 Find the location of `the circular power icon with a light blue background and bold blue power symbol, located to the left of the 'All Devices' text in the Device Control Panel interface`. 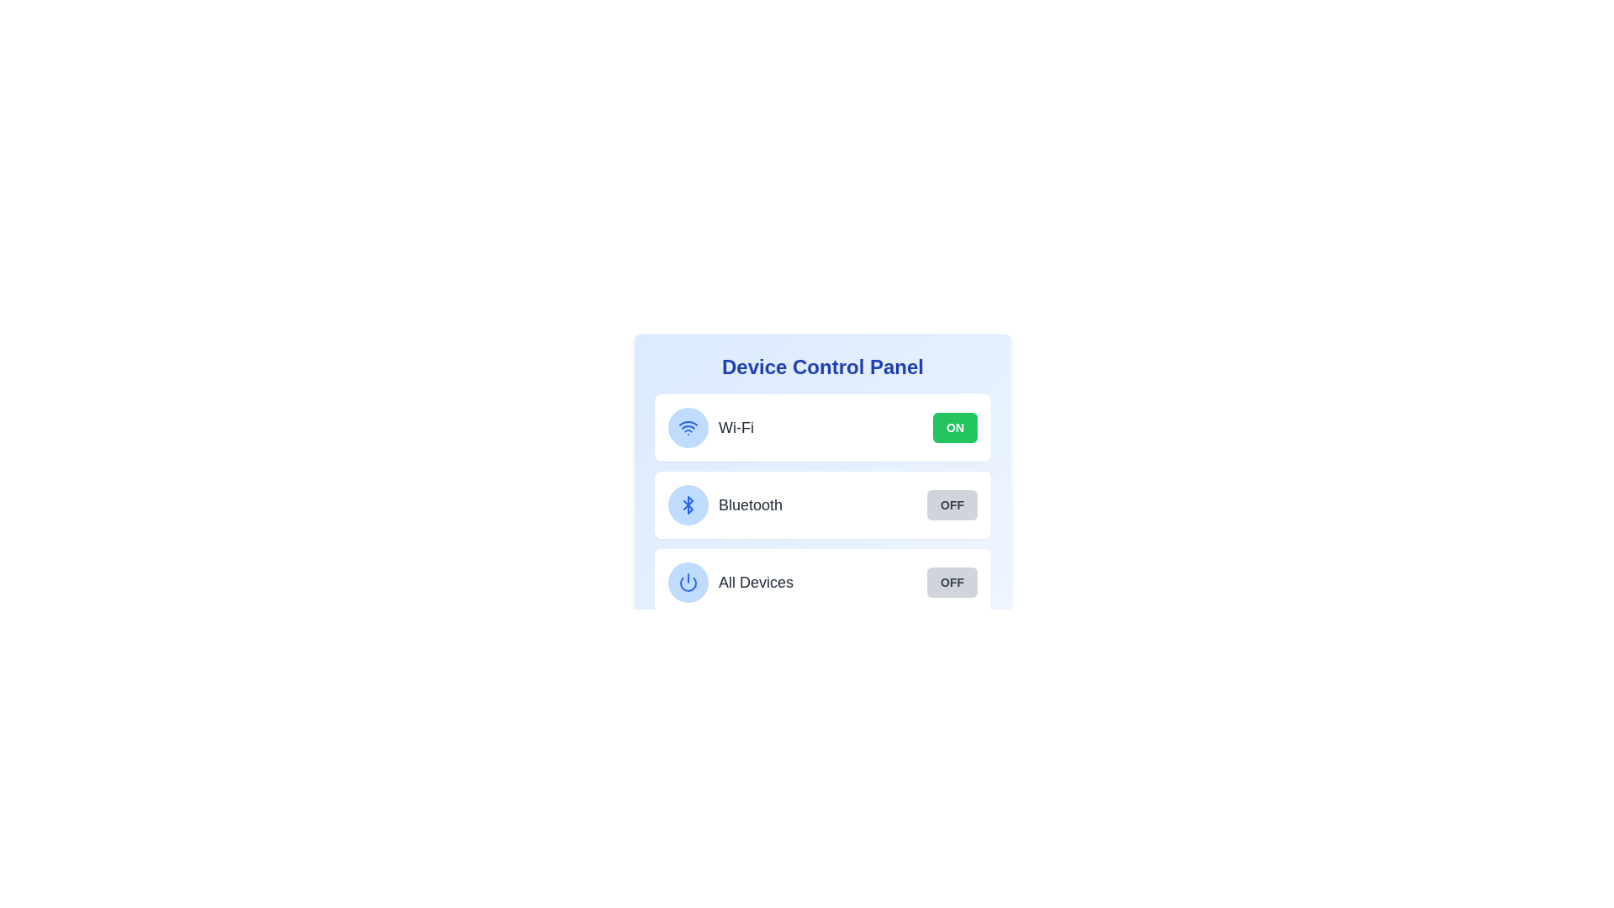

the circular power icon with a light blue background and bold blue power symbol, located to the left of the 'All Devices' text in the Device Control Panel interface is located at coordinates (688, 582).